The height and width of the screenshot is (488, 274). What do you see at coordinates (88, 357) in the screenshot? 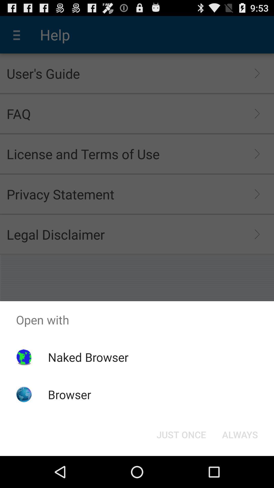
I see `the naked browser` at bounding box center [88, 357].